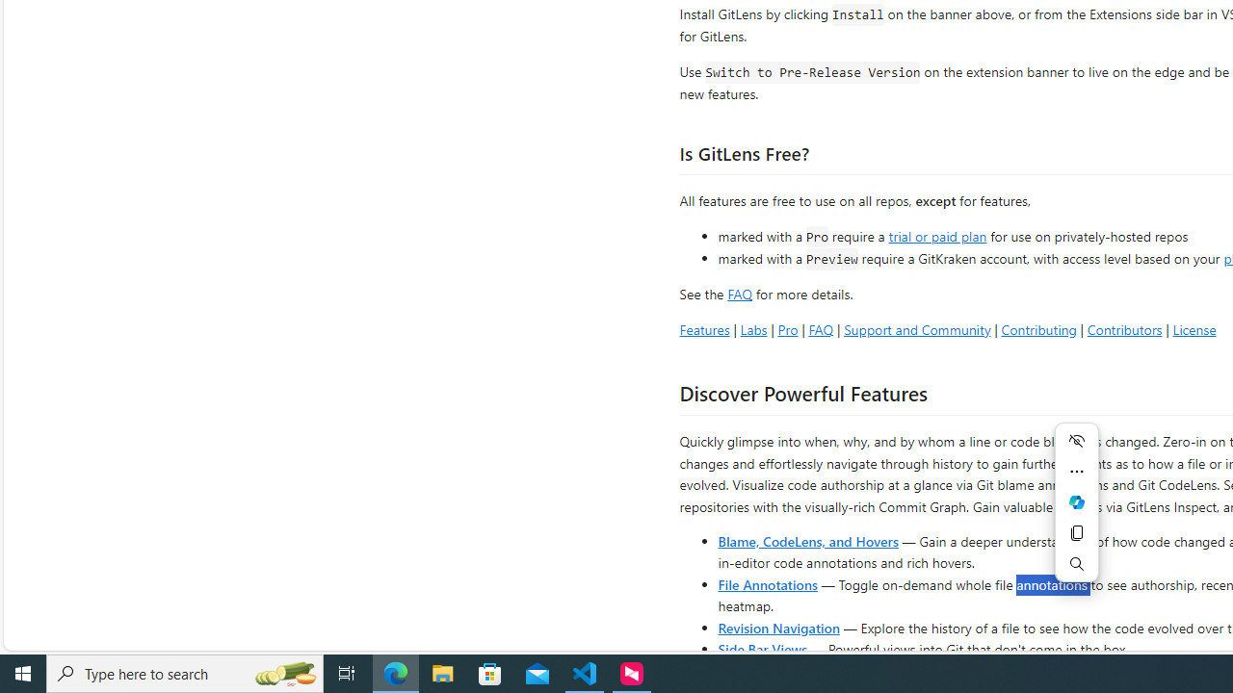 This screenshot has width=1233, height=693. Describe the element at coordinates (703, 328) in the screenshot. I see `'Features'` at that location.